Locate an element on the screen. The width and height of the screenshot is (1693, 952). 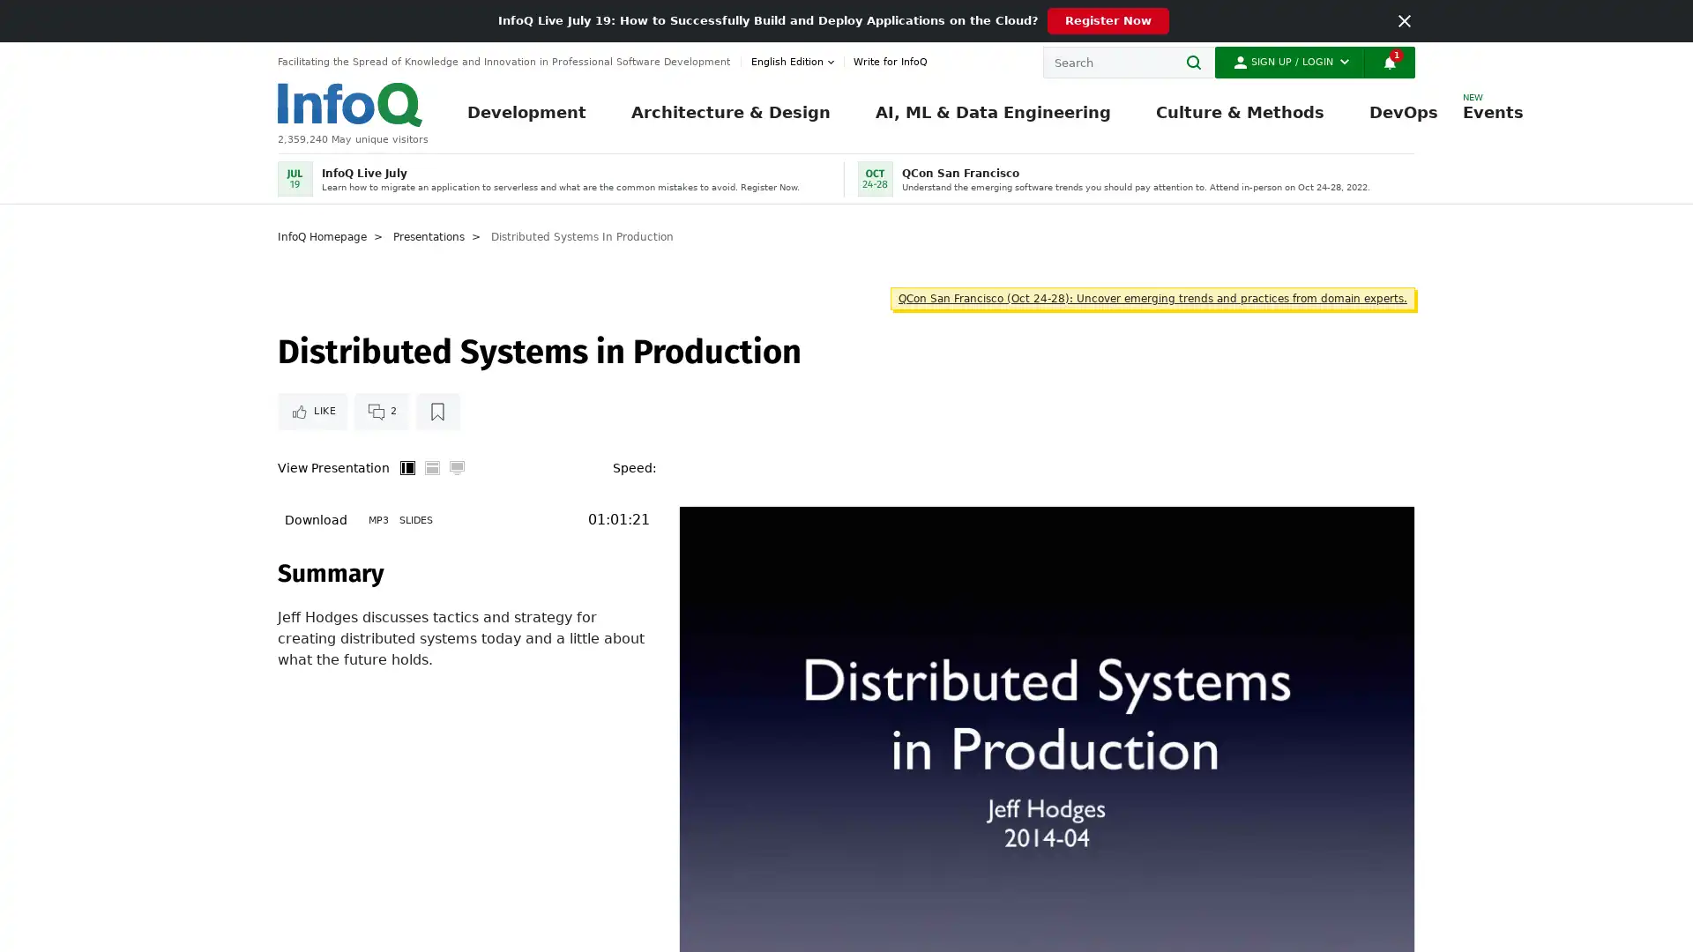
Full is located at coordinates (457, 490).